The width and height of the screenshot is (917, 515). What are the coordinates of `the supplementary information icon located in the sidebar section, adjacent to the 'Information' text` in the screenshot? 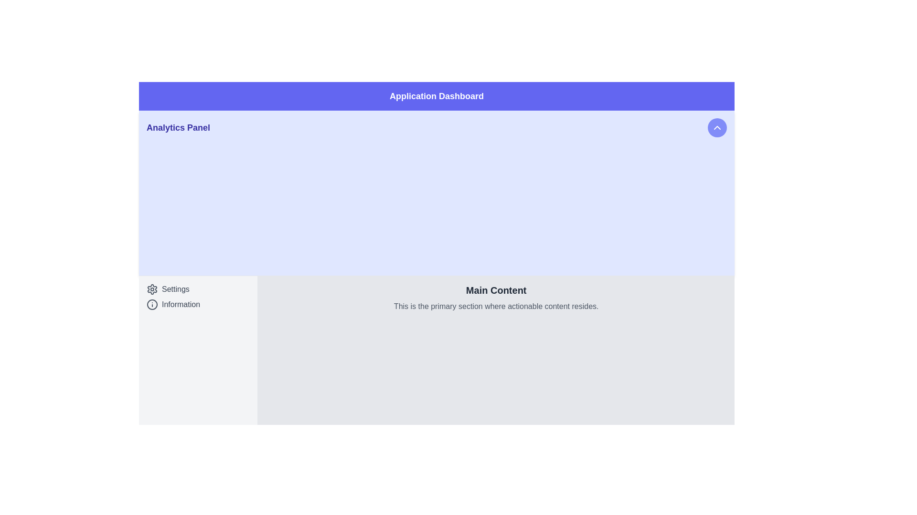 It's located at (151, 304).